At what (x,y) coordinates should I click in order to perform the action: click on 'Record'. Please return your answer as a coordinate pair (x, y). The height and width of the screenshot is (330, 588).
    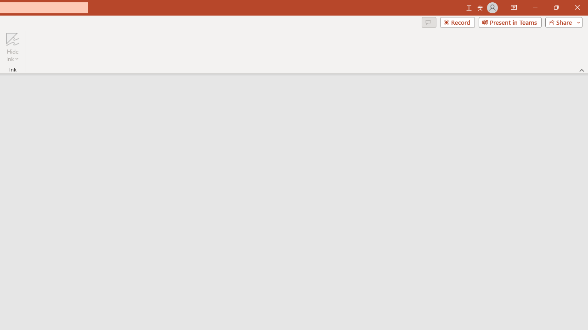
    Looking at the image, I should click on (457, 22).